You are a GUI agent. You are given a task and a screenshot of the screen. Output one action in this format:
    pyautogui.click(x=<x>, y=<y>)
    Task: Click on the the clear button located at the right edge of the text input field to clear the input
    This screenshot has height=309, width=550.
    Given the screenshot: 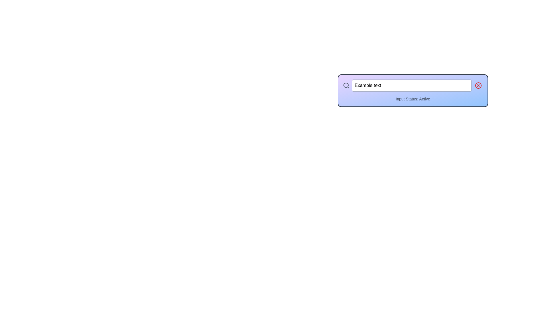 What is the action you would take?
    pyautogui.click(x=478, y=86)
    